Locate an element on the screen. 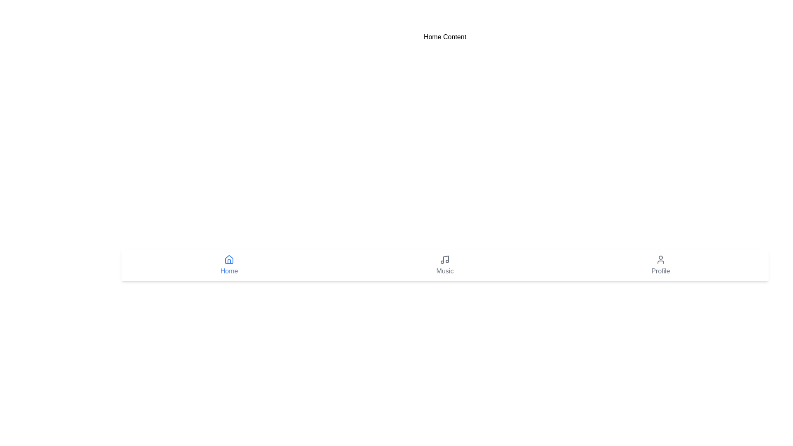  the 'Home' navigation icon located in the bottom bar, which is represented by a house symbol is located at coordinates (229, 259).